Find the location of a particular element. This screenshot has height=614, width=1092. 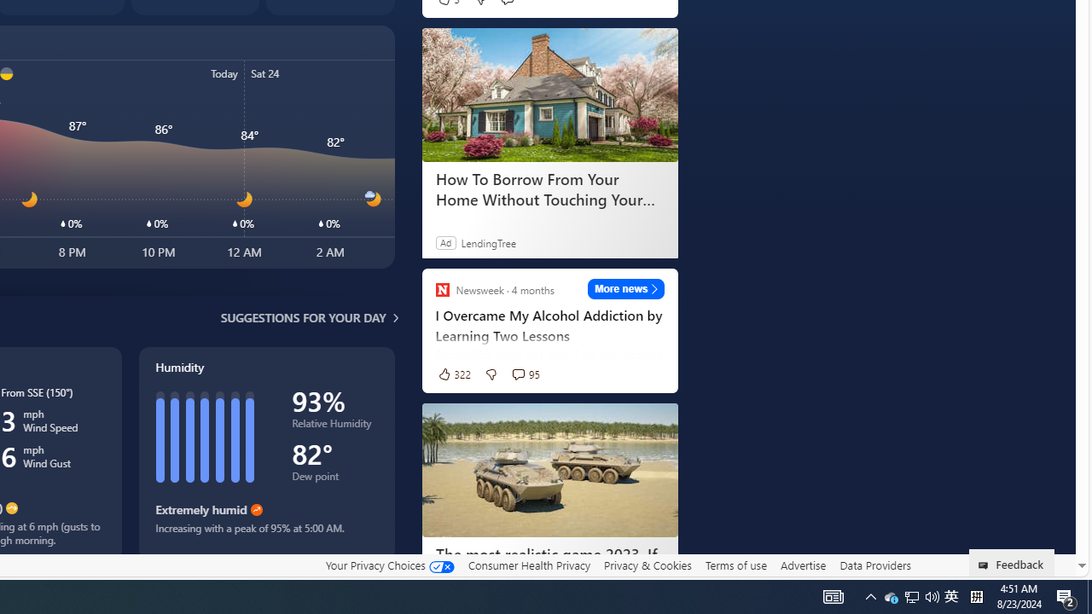

'Increasing with a peak of 95% at 5:00 AM.' is located at coordinates (265, 534).